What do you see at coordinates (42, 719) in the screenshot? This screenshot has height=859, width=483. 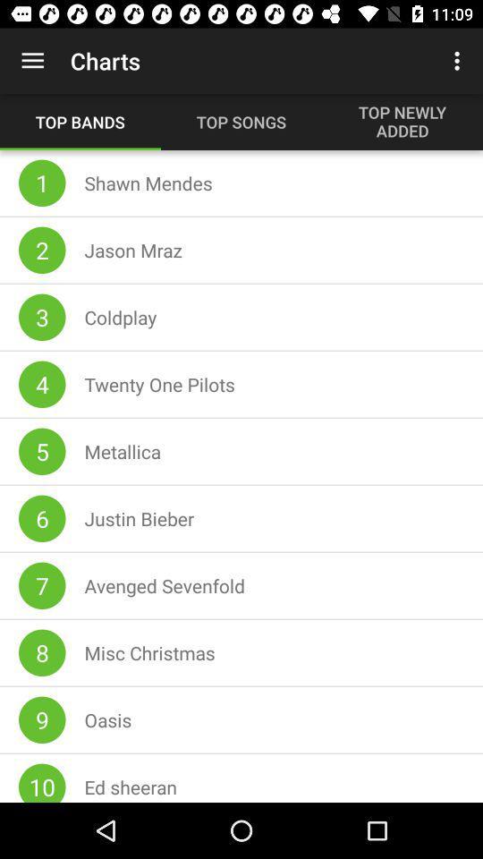 I see `the item below 8 icon` at bounding box center [42, 719].